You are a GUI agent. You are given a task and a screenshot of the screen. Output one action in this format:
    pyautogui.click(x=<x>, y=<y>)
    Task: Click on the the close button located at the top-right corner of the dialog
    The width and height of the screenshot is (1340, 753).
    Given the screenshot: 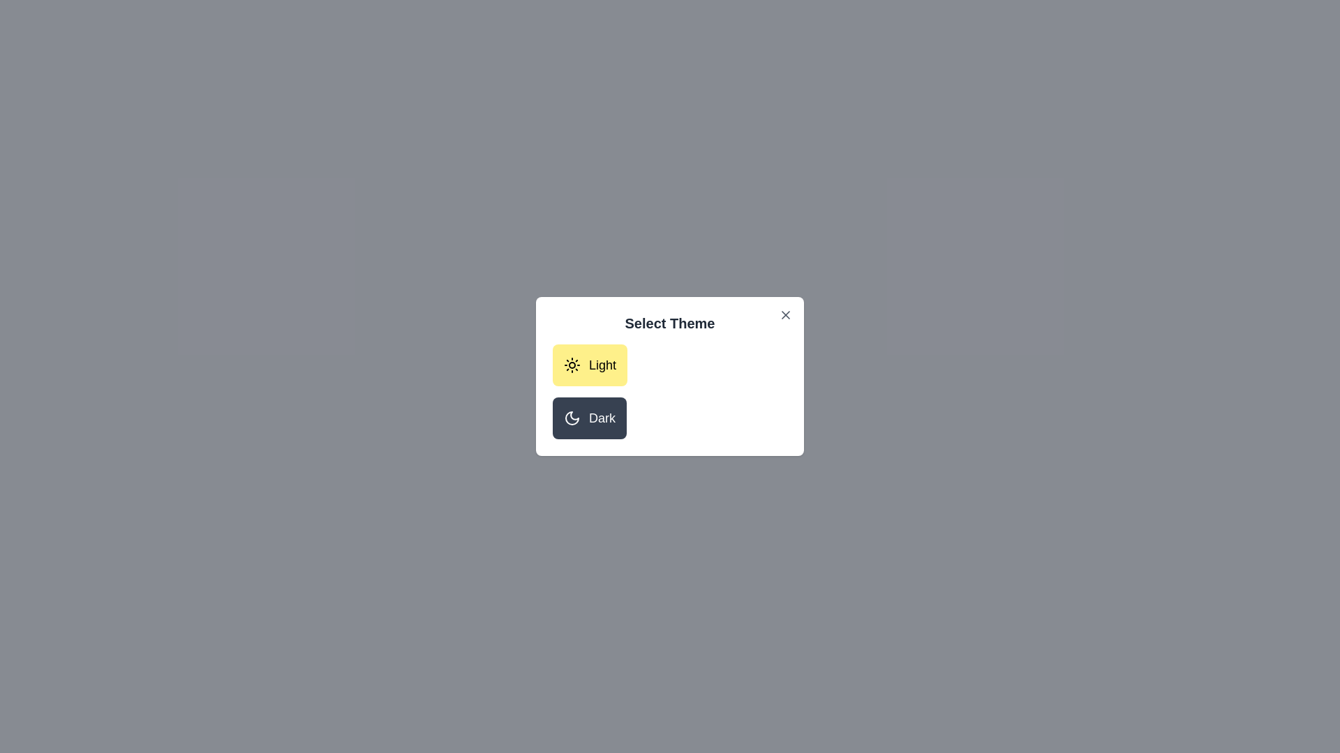 What is the action you would take?
    pyautogui.click(x=786, y=314)
    